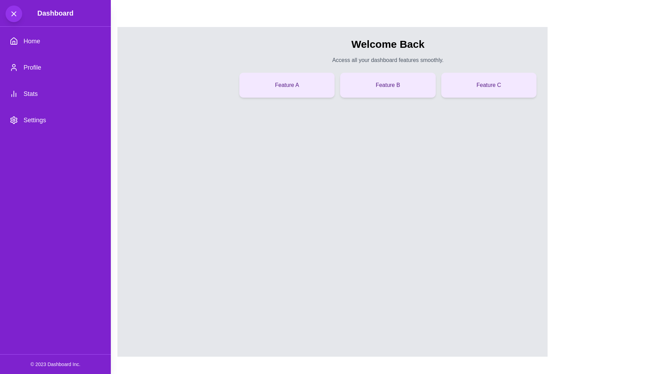 The width and height of the screenshot is (665, 374). I want to click on the Close Button Icon, which is an 'X' shaped icon with rounded ends located at the top-left corner of the sidebar within a circular button, so click(14, 14).